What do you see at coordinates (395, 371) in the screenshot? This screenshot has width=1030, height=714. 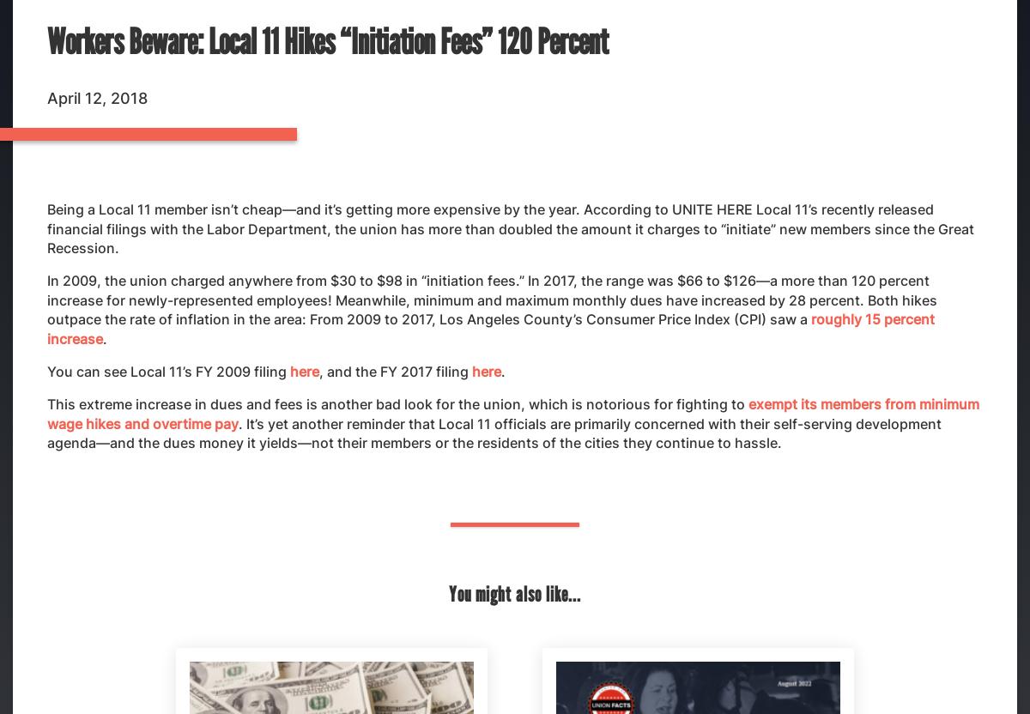 I see `', and the FY 2017 filing'` at bounding box center [395, 371].